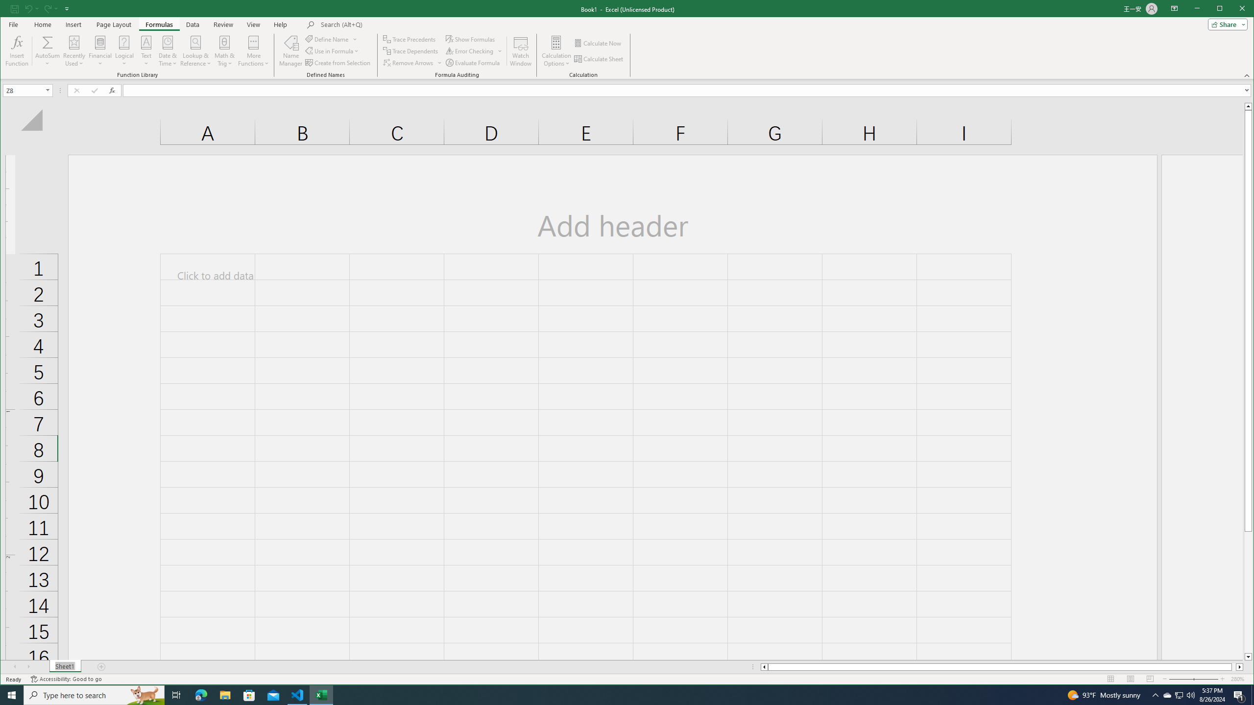 The width and height of the screenshot is (1254, 705). I want to click on 'Define Name', so click(331, 39).